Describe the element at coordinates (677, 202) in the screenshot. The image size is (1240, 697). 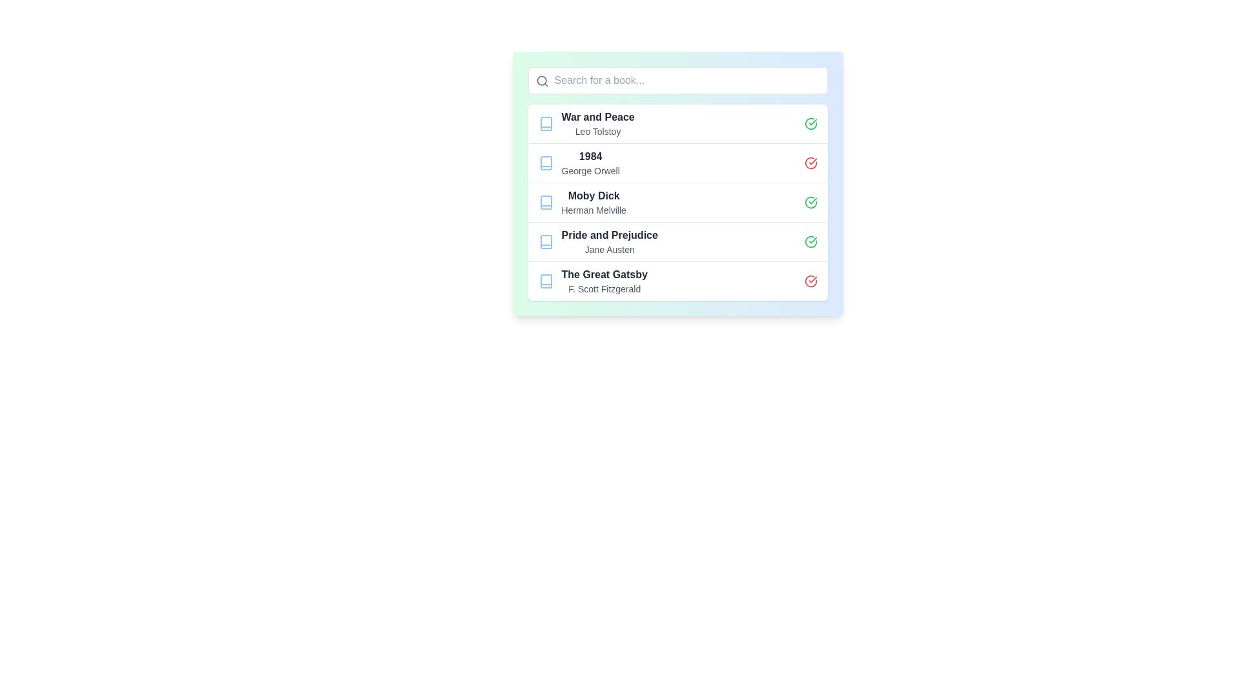
I see `the third list item displaying a book entry, which is located between '1984 by George Orwell' and 'Pride and Prejudice by Jane Austen'` at that location.